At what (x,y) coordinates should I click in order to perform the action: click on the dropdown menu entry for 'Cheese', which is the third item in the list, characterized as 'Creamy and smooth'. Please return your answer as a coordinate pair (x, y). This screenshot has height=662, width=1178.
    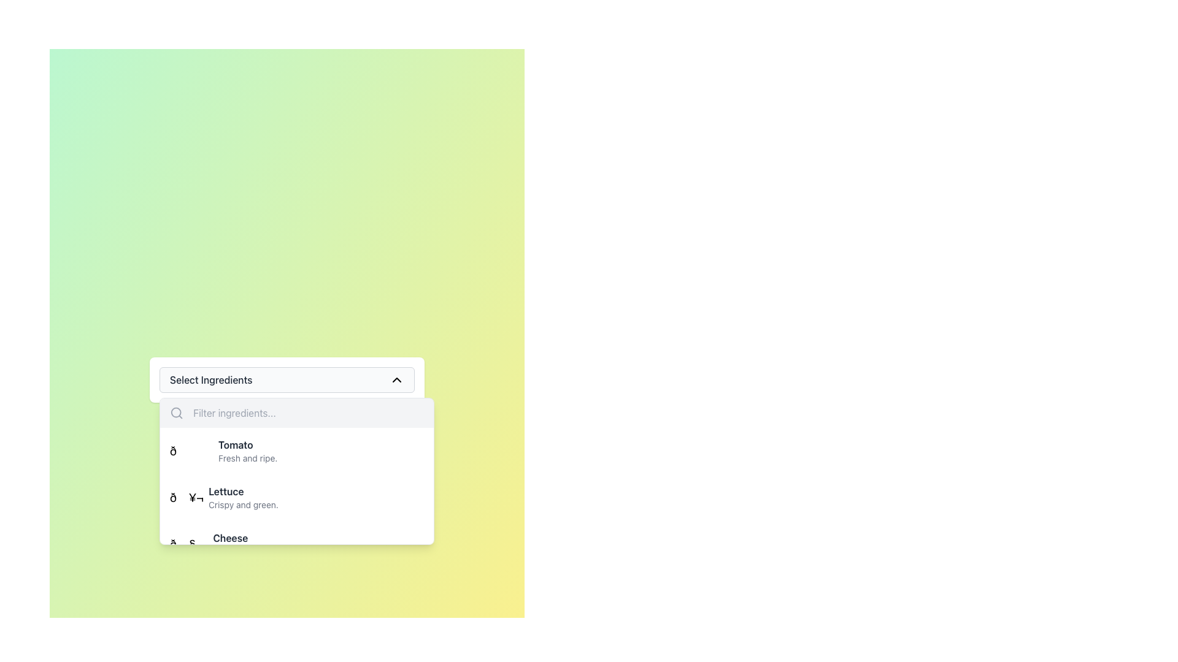
    Looking at the image, I should click on (297, 543).